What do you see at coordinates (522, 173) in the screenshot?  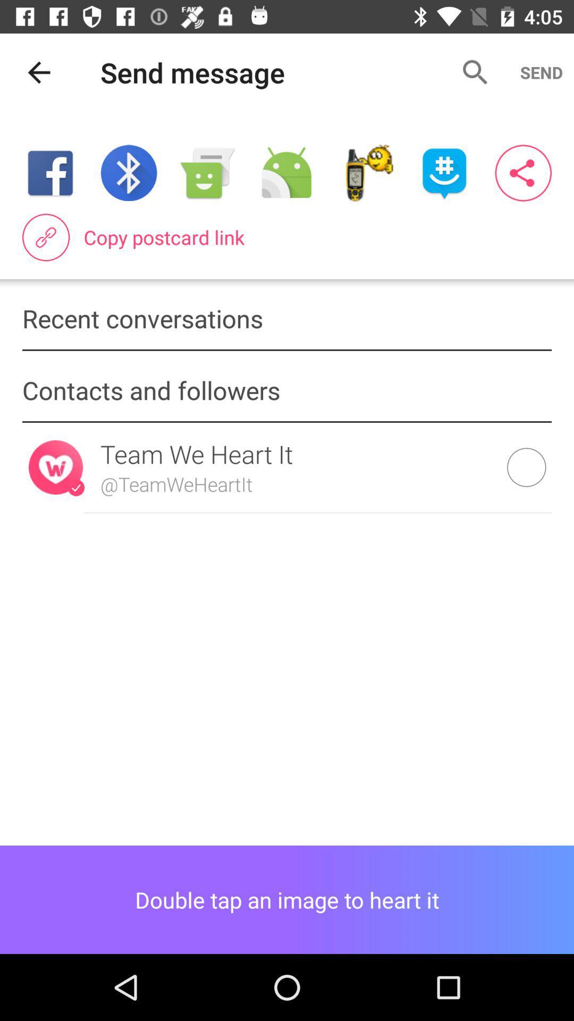 I see `more share options` at bounding box center [522, 173].